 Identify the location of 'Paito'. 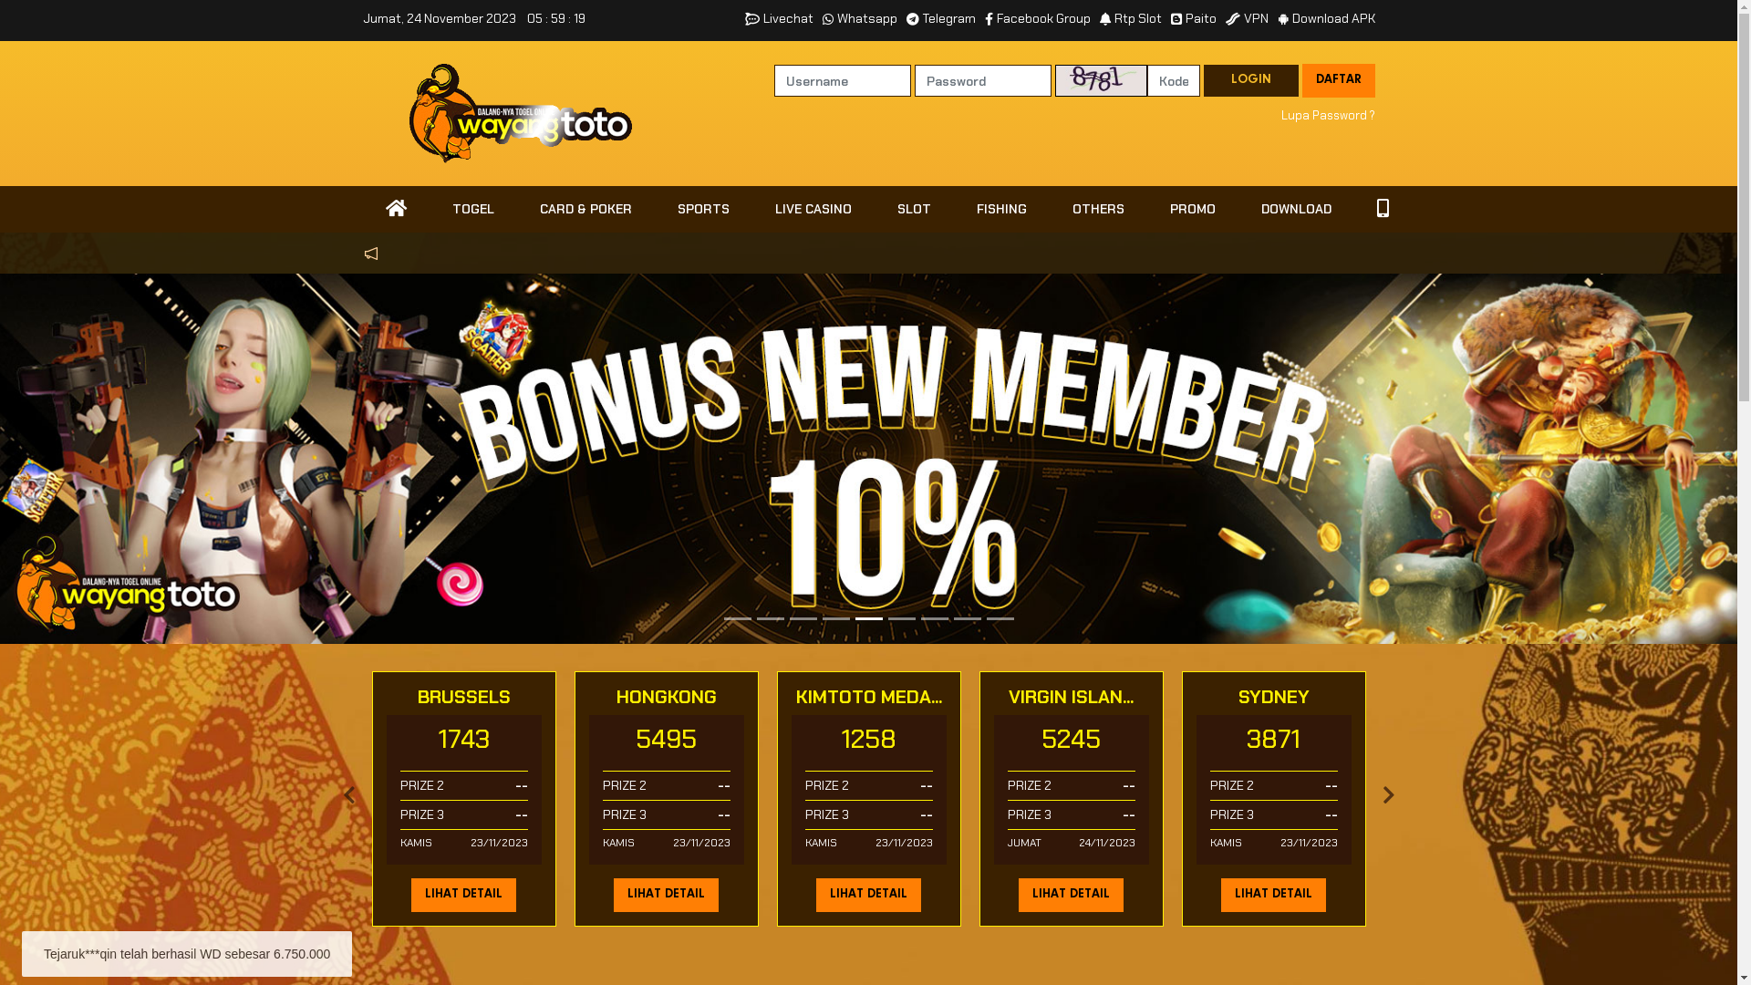
(1194, 18).